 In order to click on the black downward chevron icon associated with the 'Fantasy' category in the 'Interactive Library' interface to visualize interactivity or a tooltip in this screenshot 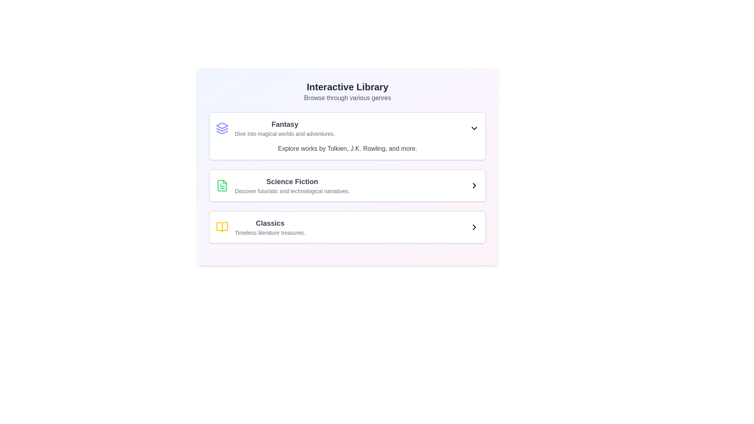, I will do `click(474, 128)`.